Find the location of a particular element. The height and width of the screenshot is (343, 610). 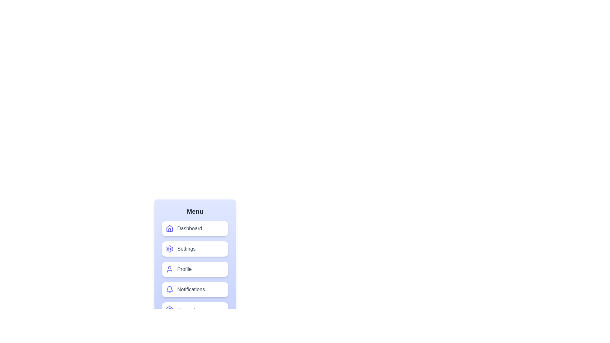

the 'Profile' button, which is the third item in the vertical menu containing user options is located at coordinates (195, 269).